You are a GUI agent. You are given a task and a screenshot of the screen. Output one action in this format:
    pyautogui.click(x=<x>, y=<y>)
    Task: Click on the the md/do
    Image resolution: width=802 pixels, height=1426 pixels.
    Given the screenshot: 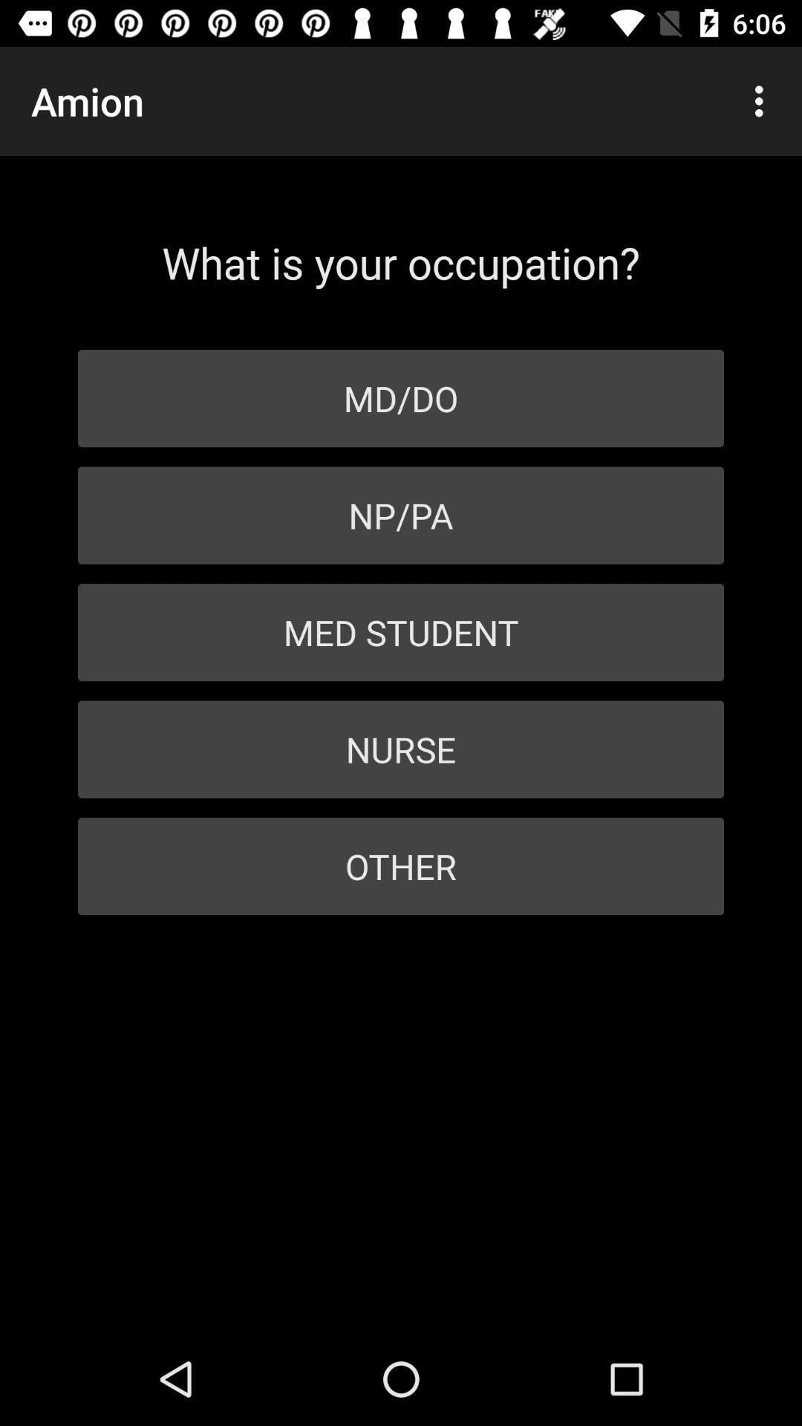 What is the action you would take?
    pyautogui.click(x=401, y=398)
    